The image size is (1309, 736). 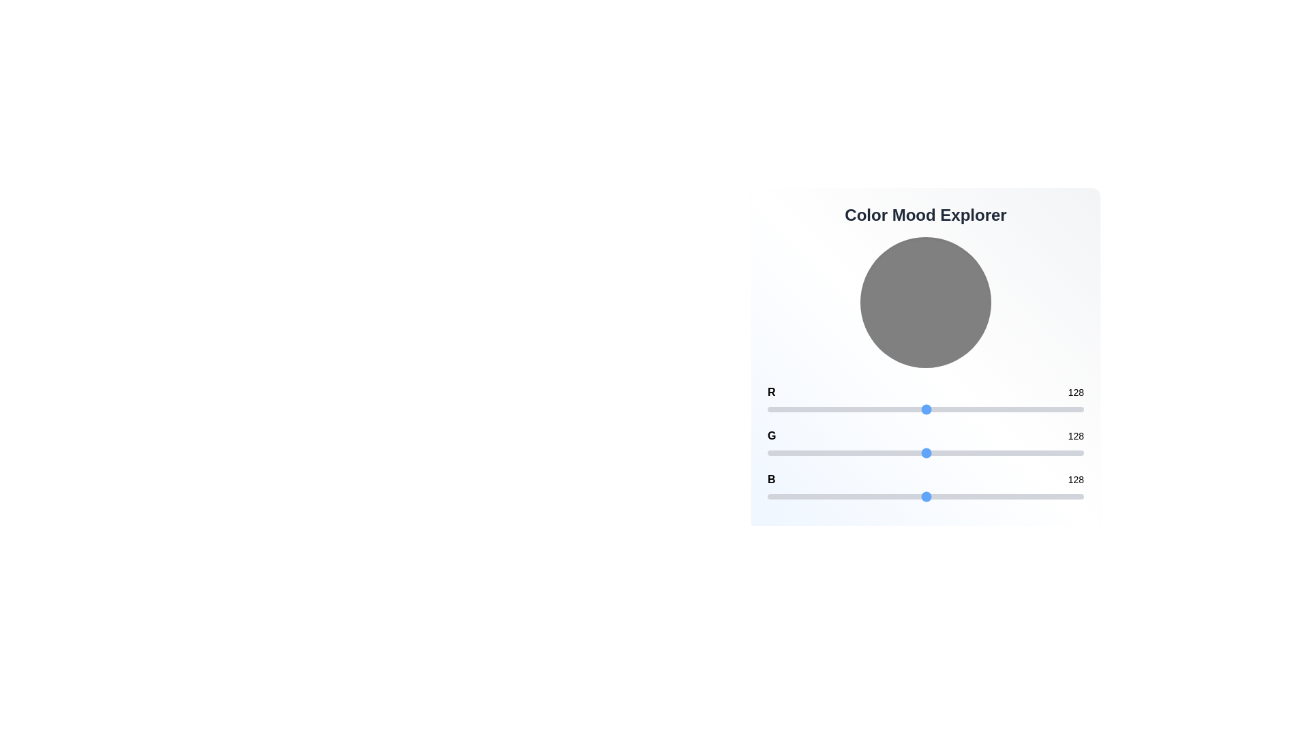 I want to click on the green color channel slider to 133, so click(x=932, y=453).